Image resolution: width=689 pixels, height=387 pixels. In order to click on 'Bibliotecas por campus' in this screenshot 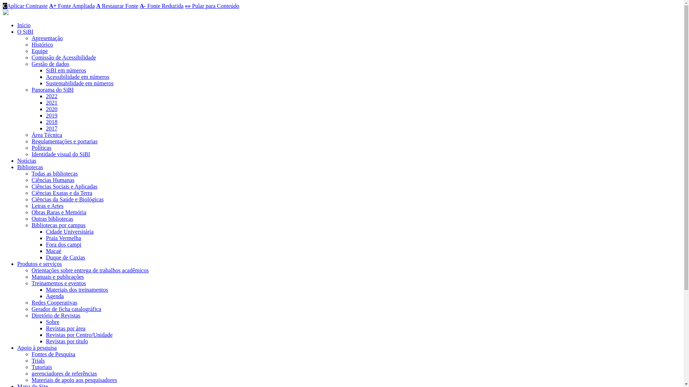, I will do `click(58, 225)`.